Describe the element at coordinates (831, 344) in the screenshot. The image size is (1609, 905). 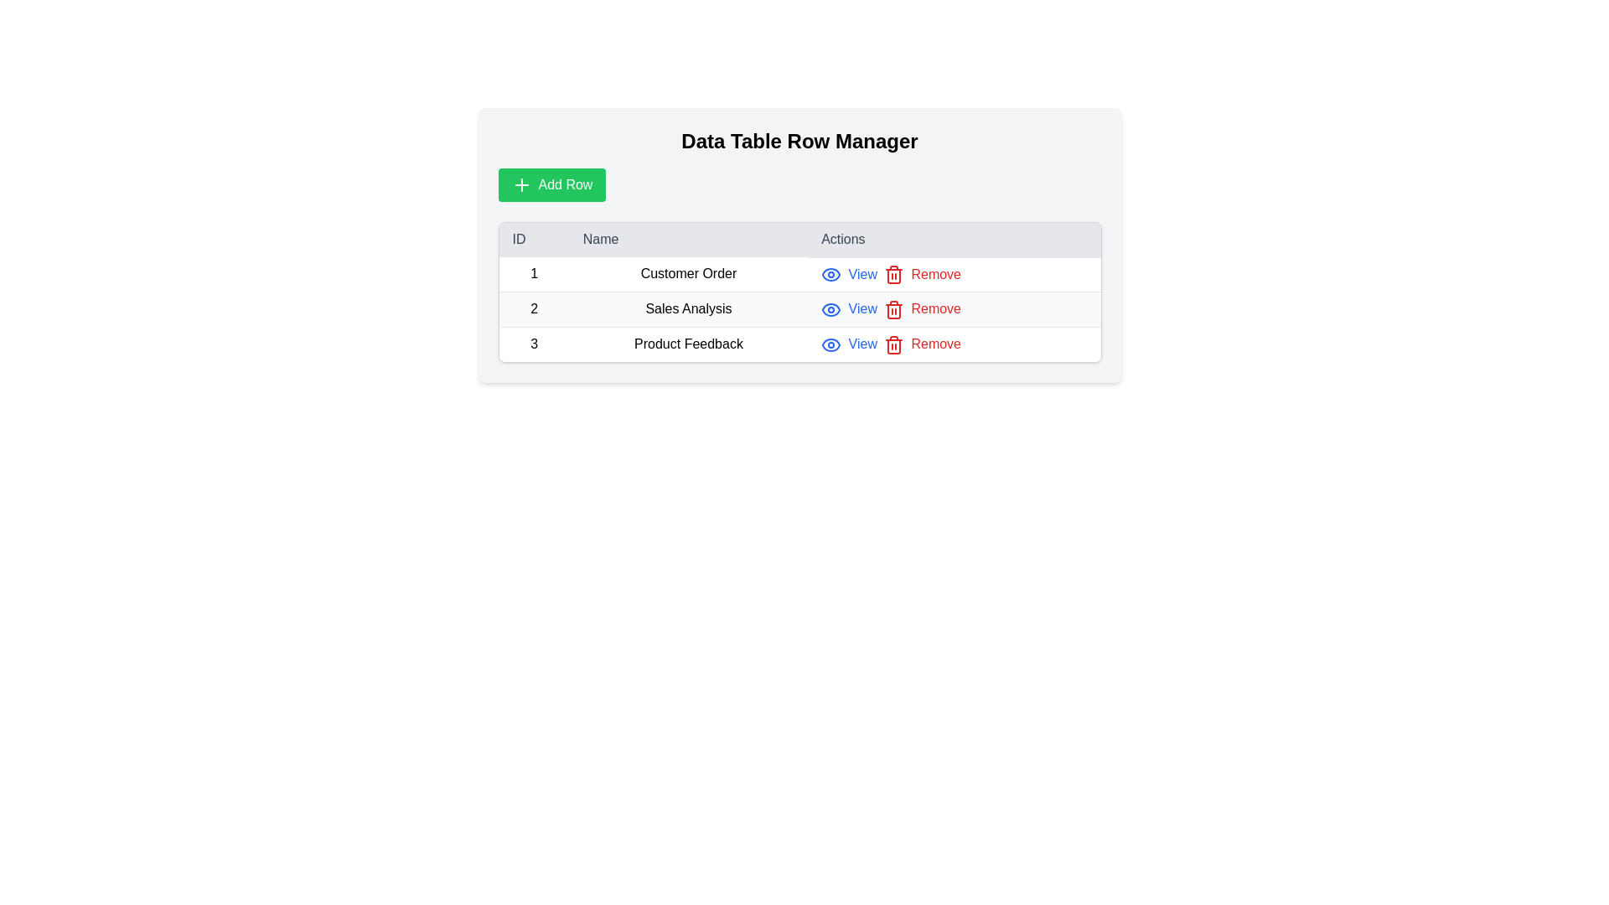
I see `the 'View' icon (SVG) representing the 'View' action for the third row ('Product Feedback') in the table under the 'Actions' column` at that location.